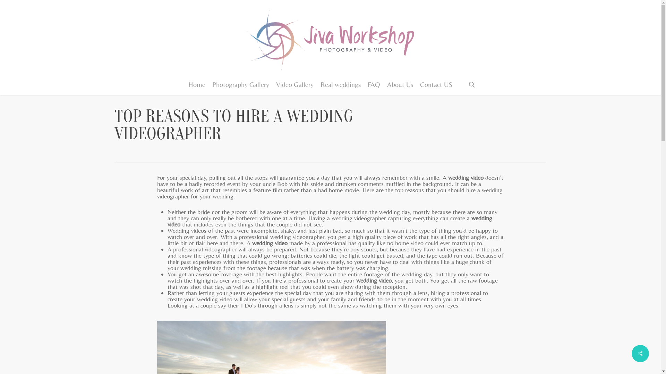 This screenshot has height=374, width=666. Describe the element at coordinates (471, 84) in the screenshot. I see `'search'` at that location.